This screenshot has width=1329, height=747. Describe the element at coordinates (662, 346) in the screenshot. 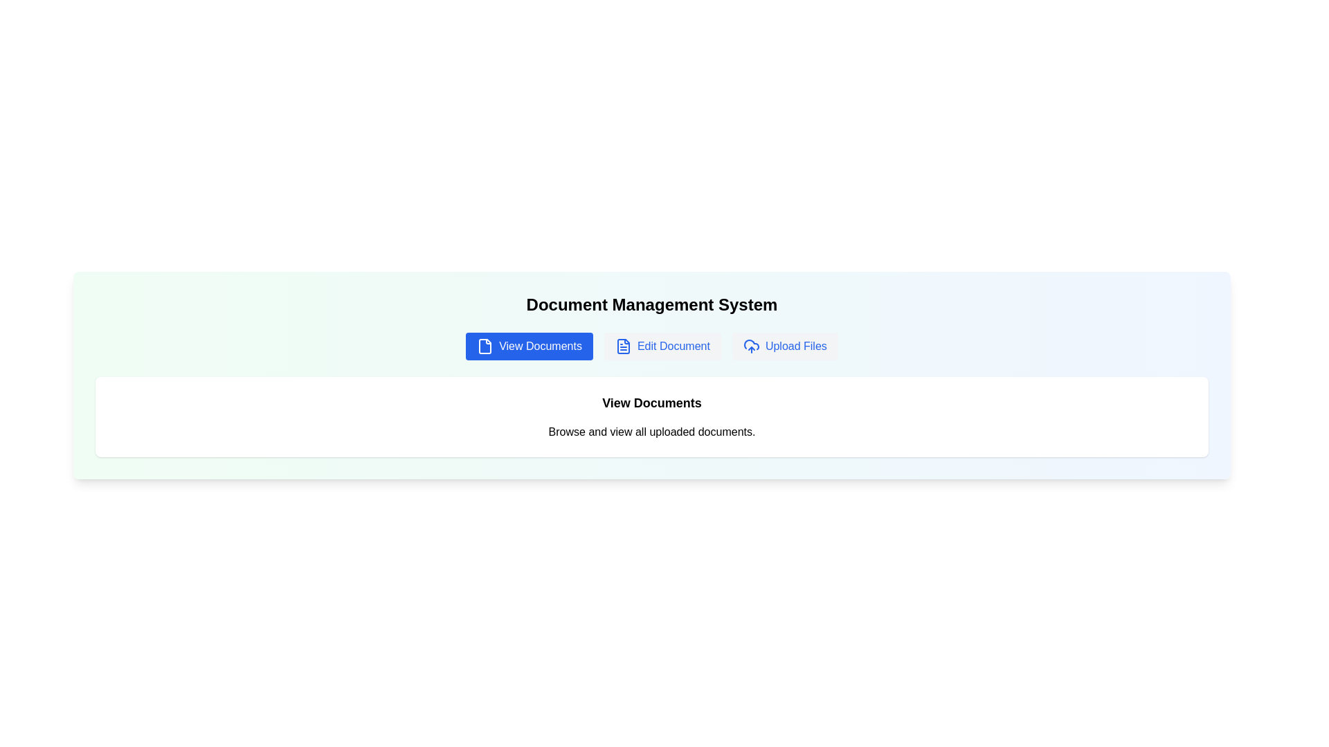

I see `the Edit Document tab to interact with it` at that location.